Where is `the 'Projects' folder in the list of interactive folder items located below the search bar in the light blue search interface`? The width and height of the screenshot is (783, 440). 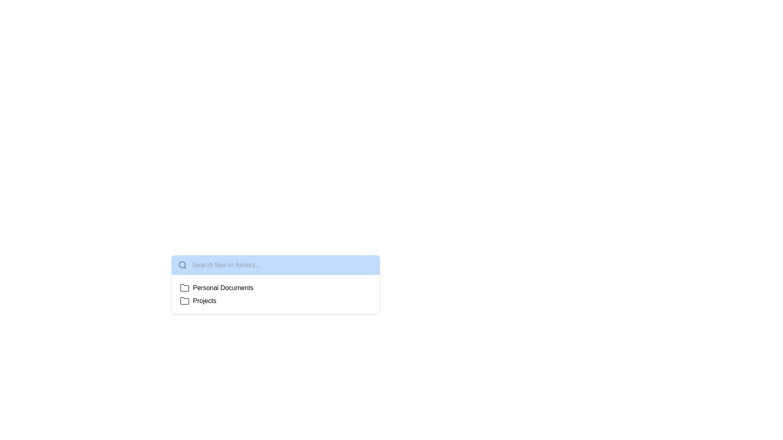 the 'Projects' folder in the list of interactive folder items located below the search bar in the light blue search interface is located at coordinates (276, 294).